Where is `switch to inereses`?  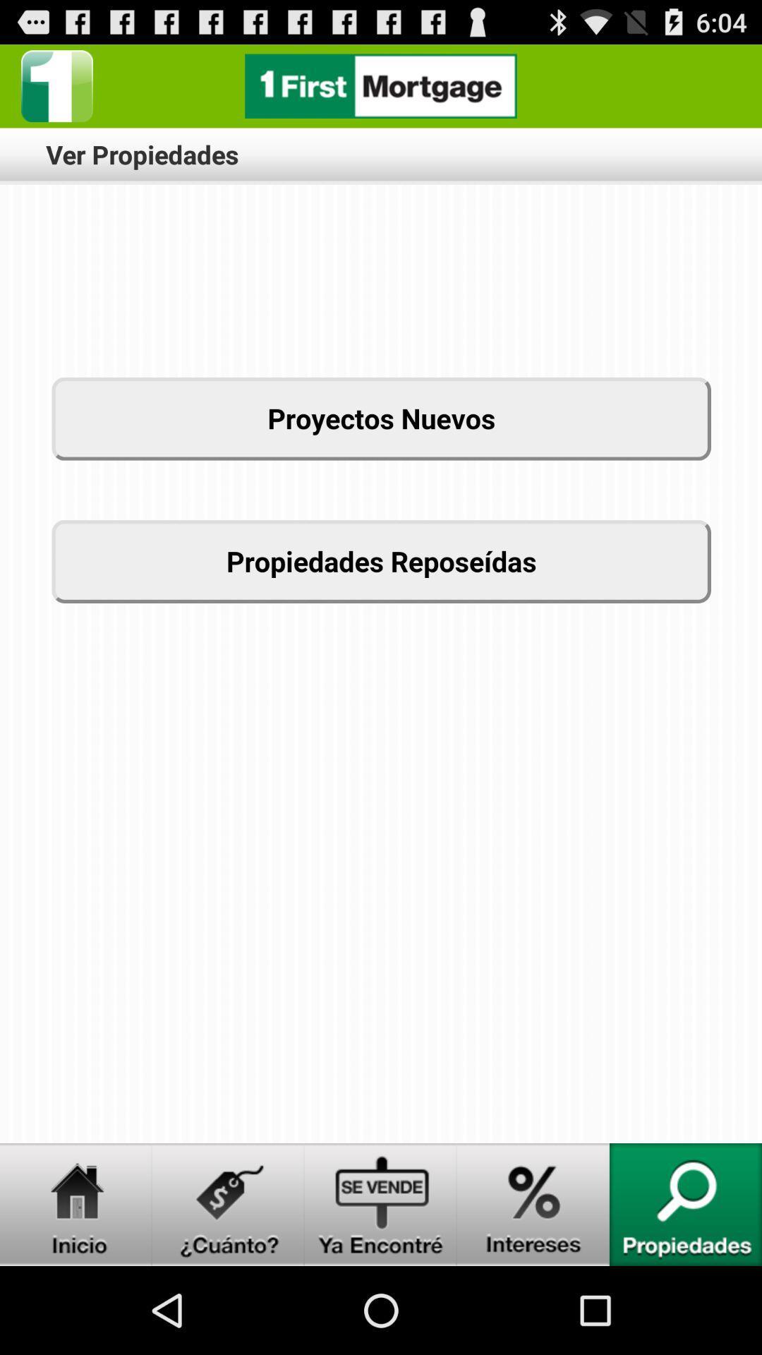 switch to inereses is located at coordinates (533, 1204).